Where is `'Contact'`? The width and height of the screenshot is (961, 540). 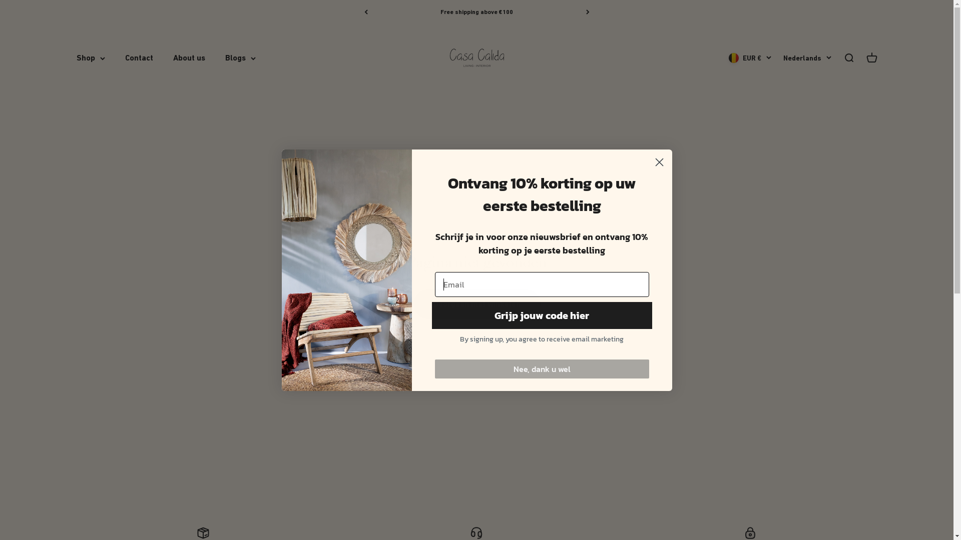
'Contact' is located at coordinates (139, 58).